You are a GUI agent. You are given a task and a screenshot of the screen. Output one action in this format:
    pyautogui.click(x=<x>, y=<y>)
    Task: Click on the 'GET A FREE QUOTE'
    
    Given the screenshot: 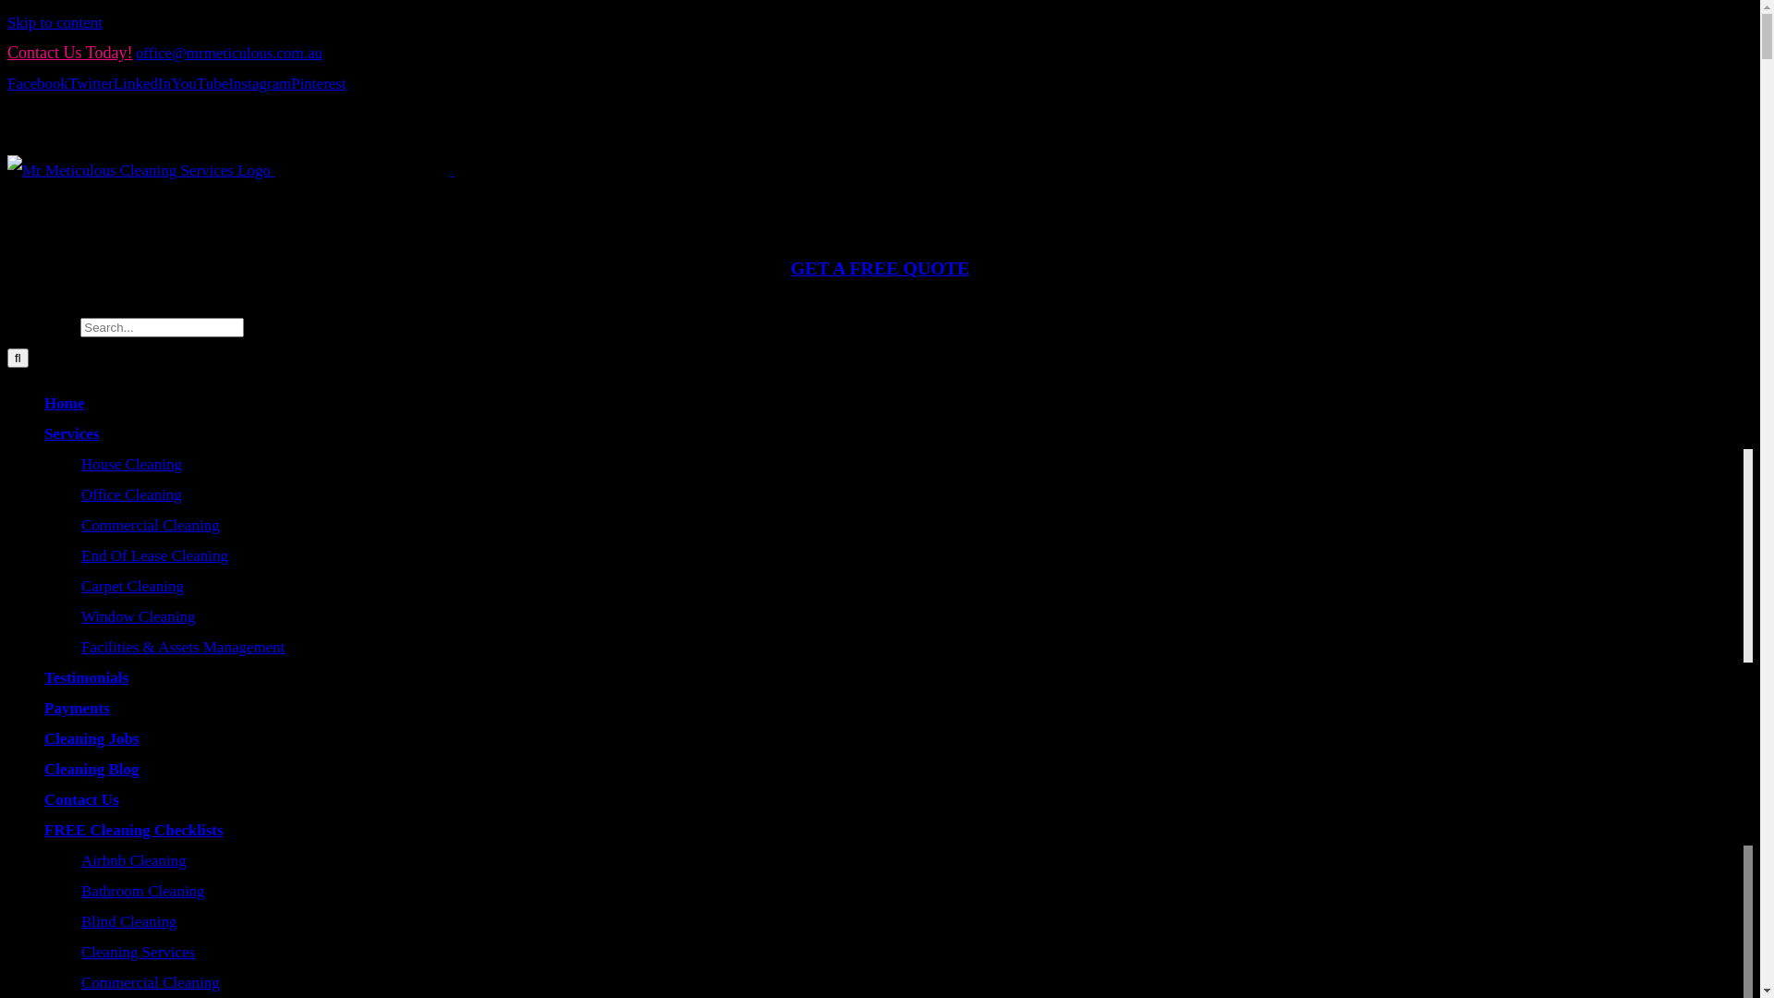 What is the action you would take?
    pyautogui.click(x=879, y=267)
    